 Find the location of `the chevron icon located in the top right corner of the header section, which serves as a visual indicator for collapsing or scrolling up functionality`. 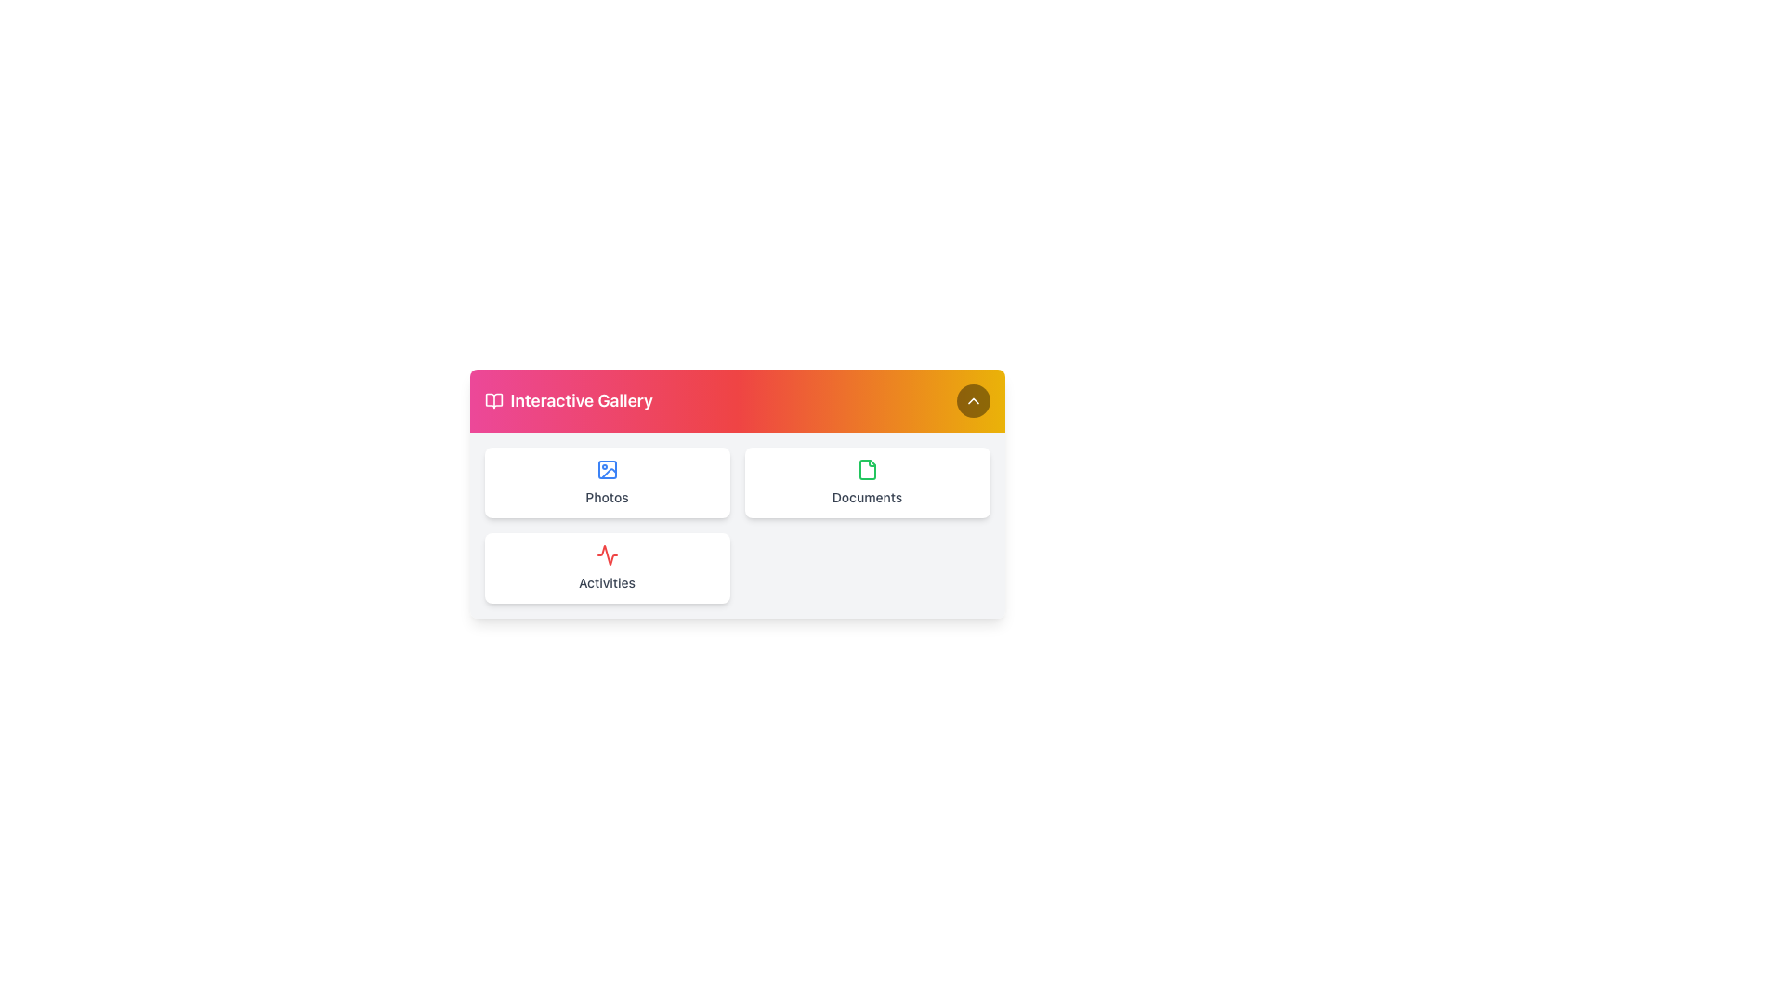

the chevron icon located in the top right corner of the header section, which serves as a visual indicator for collapsing or scrolling up functionality is located at coordinates (972, 400).